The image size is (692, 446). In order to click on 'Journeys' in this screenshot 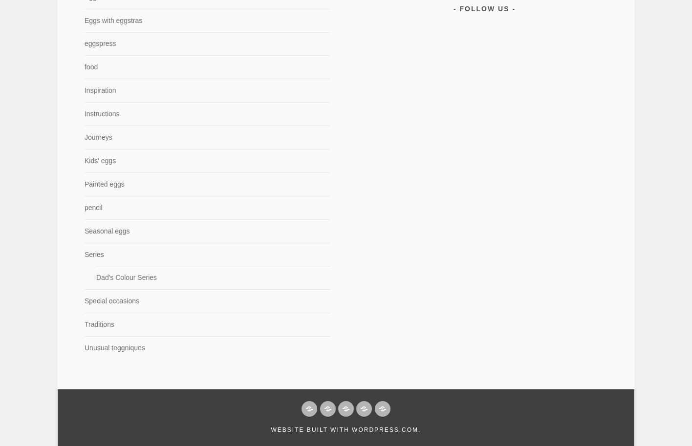, I will do `click(97, 137)`.